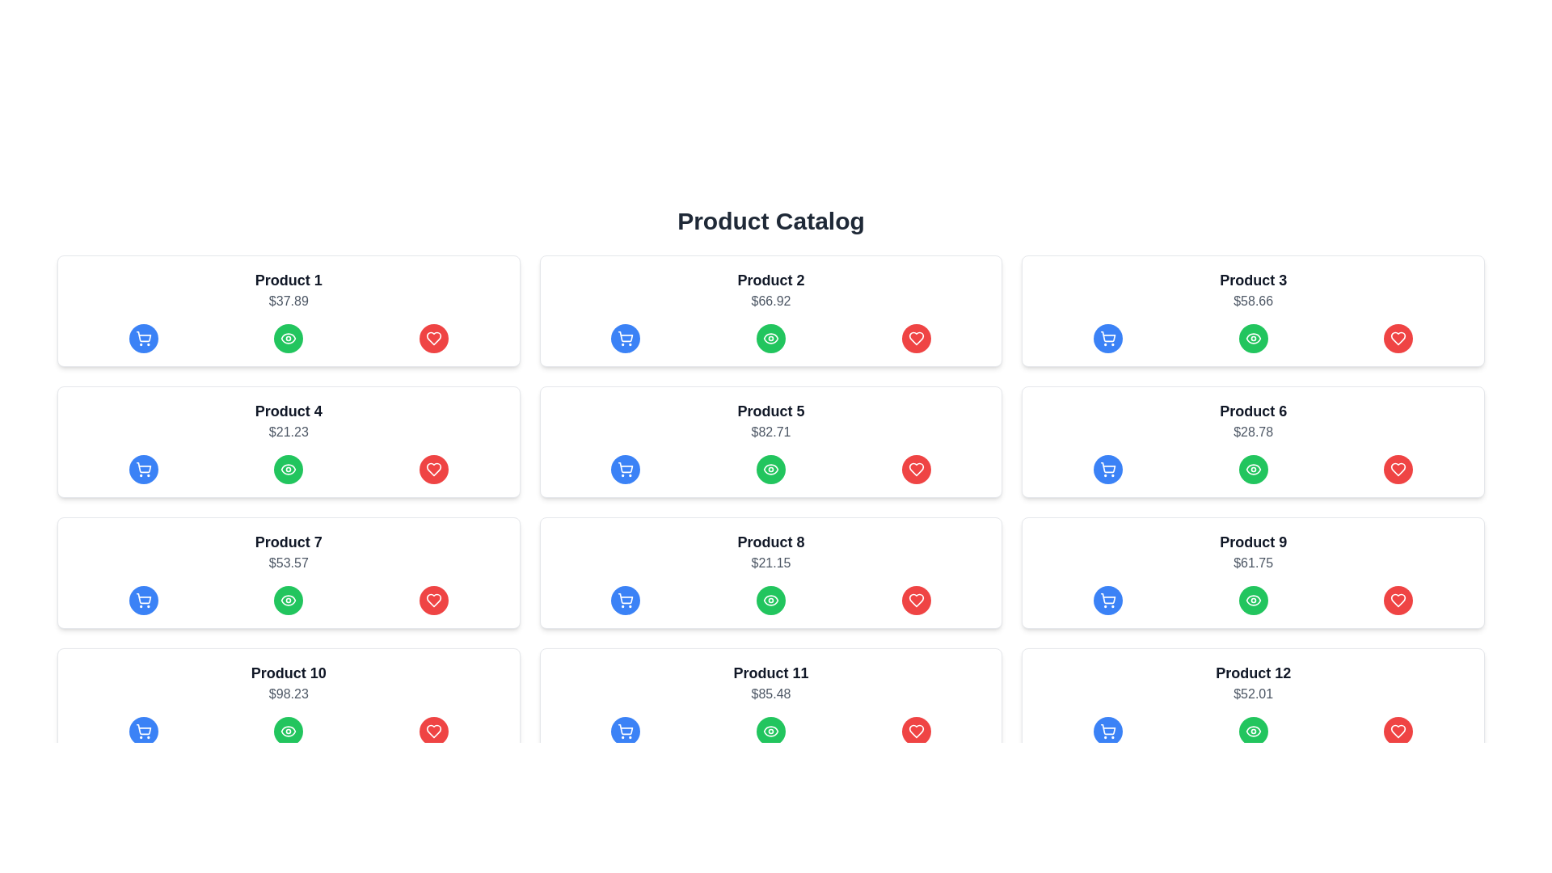 The height and width of the screenshot is (873, 1552). What do you see at coordinates (1107, 338) in the screenshot?
I see `the blue shopping cart icon in the product card of 'Product 3', located in the first row, third column, to the left of the control buttons` at bounding box center [1107, 338].